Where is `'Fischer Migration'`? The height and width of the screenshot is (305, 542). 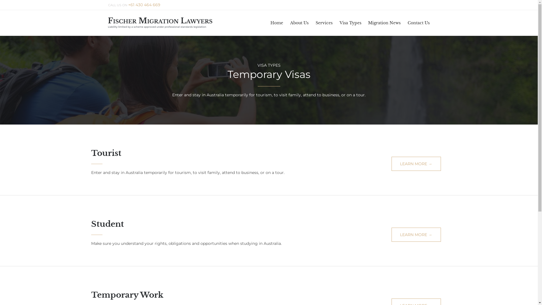
'Fischer Migration' is located at coordinates (159, 23).